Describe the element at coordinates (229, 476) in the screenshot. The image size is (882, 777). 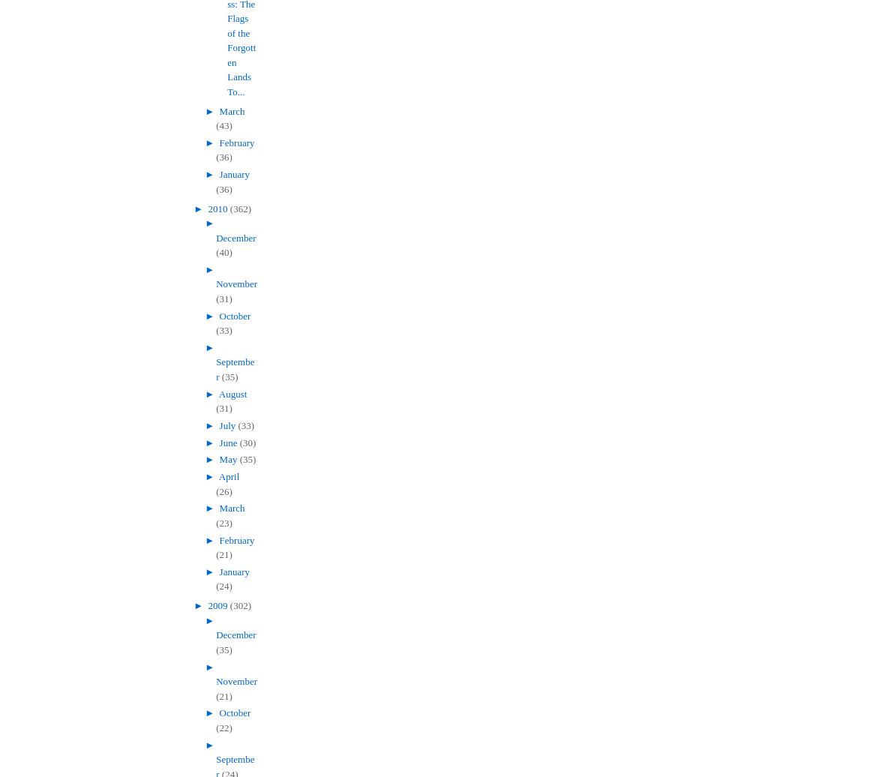
I see `'April'` at that location.